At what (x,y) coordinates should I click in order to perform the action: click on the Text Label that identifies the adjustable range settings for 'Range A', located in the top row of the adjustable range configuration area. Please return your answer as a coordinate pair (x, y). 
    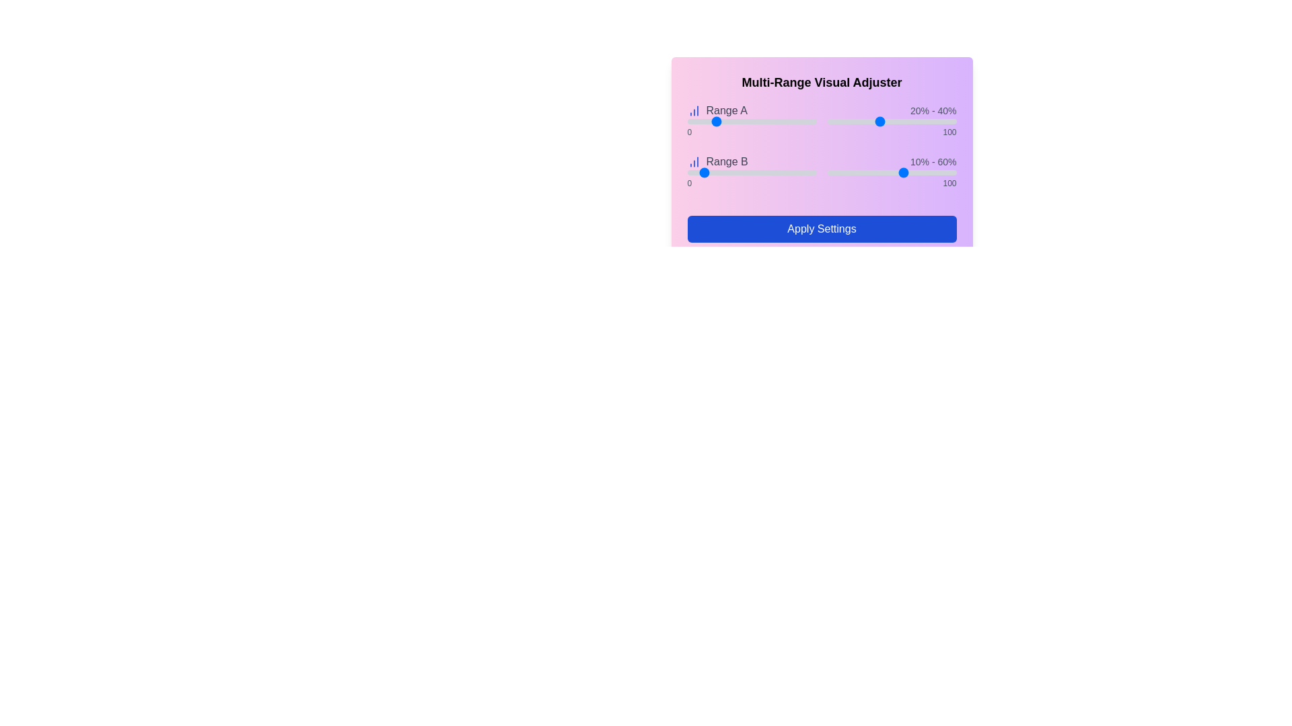
    Looking at the image, I should click on (726, 110).